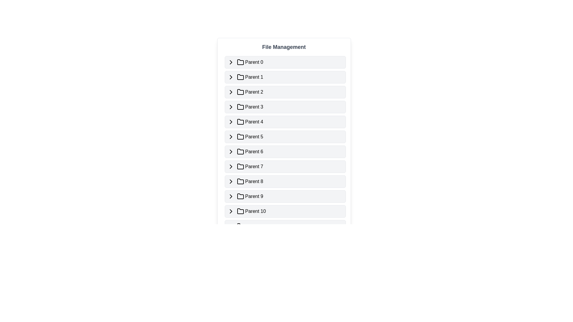 This screenshot has width=573, height=322. Describe the element at coordinates (285, 62) in the screenshot. I see `the first folder item in the 'File Management' list` at that location.